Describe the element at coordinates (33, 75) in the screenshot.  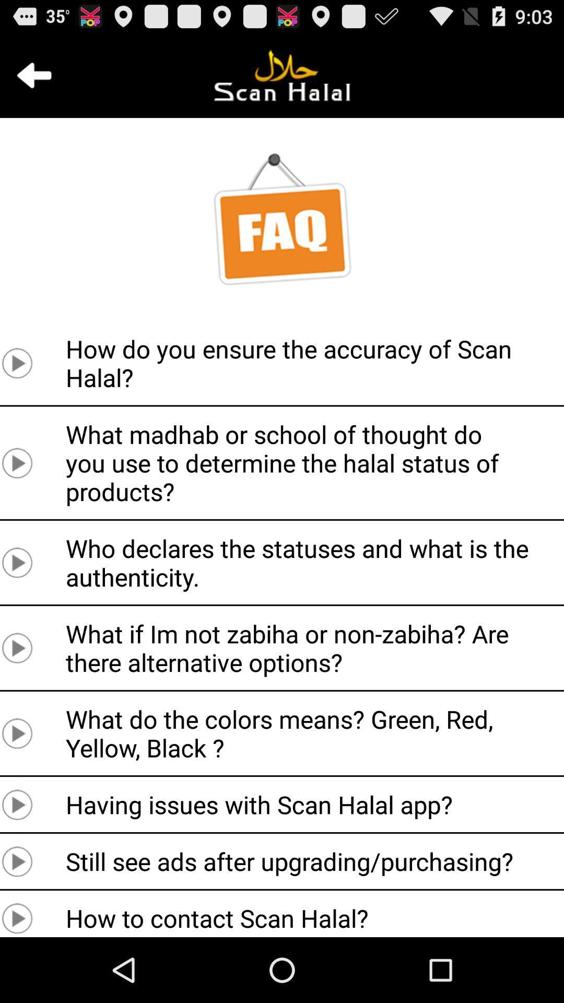
I see `the back arrow` at that location.